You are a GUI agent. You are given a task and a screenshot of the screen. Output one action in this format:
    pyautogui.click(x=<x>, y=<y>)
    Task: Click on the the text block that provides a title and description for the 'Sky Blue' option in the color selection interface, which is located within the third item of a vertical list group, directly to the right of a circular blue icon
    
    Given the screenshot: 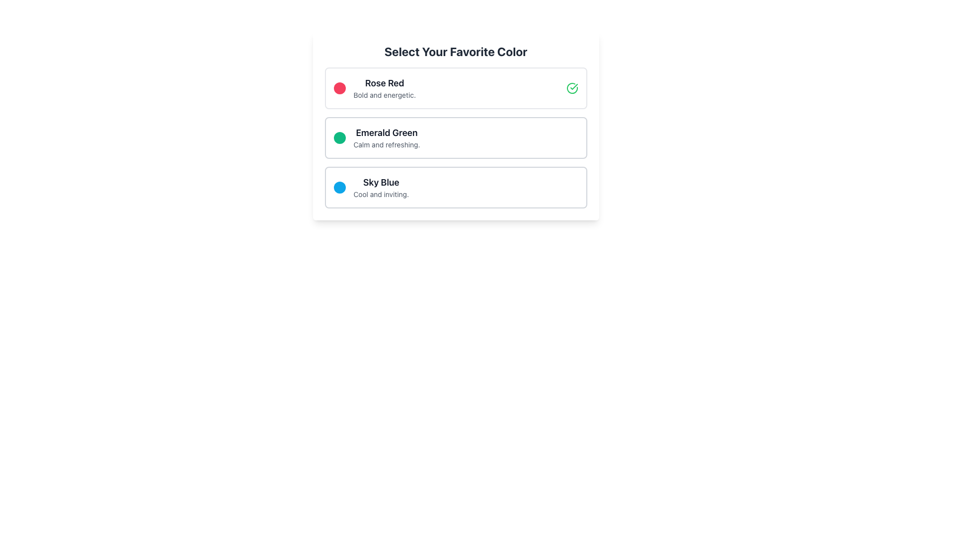 What is the action you would take?
    pyautogui.click(x=381, y=188)
    